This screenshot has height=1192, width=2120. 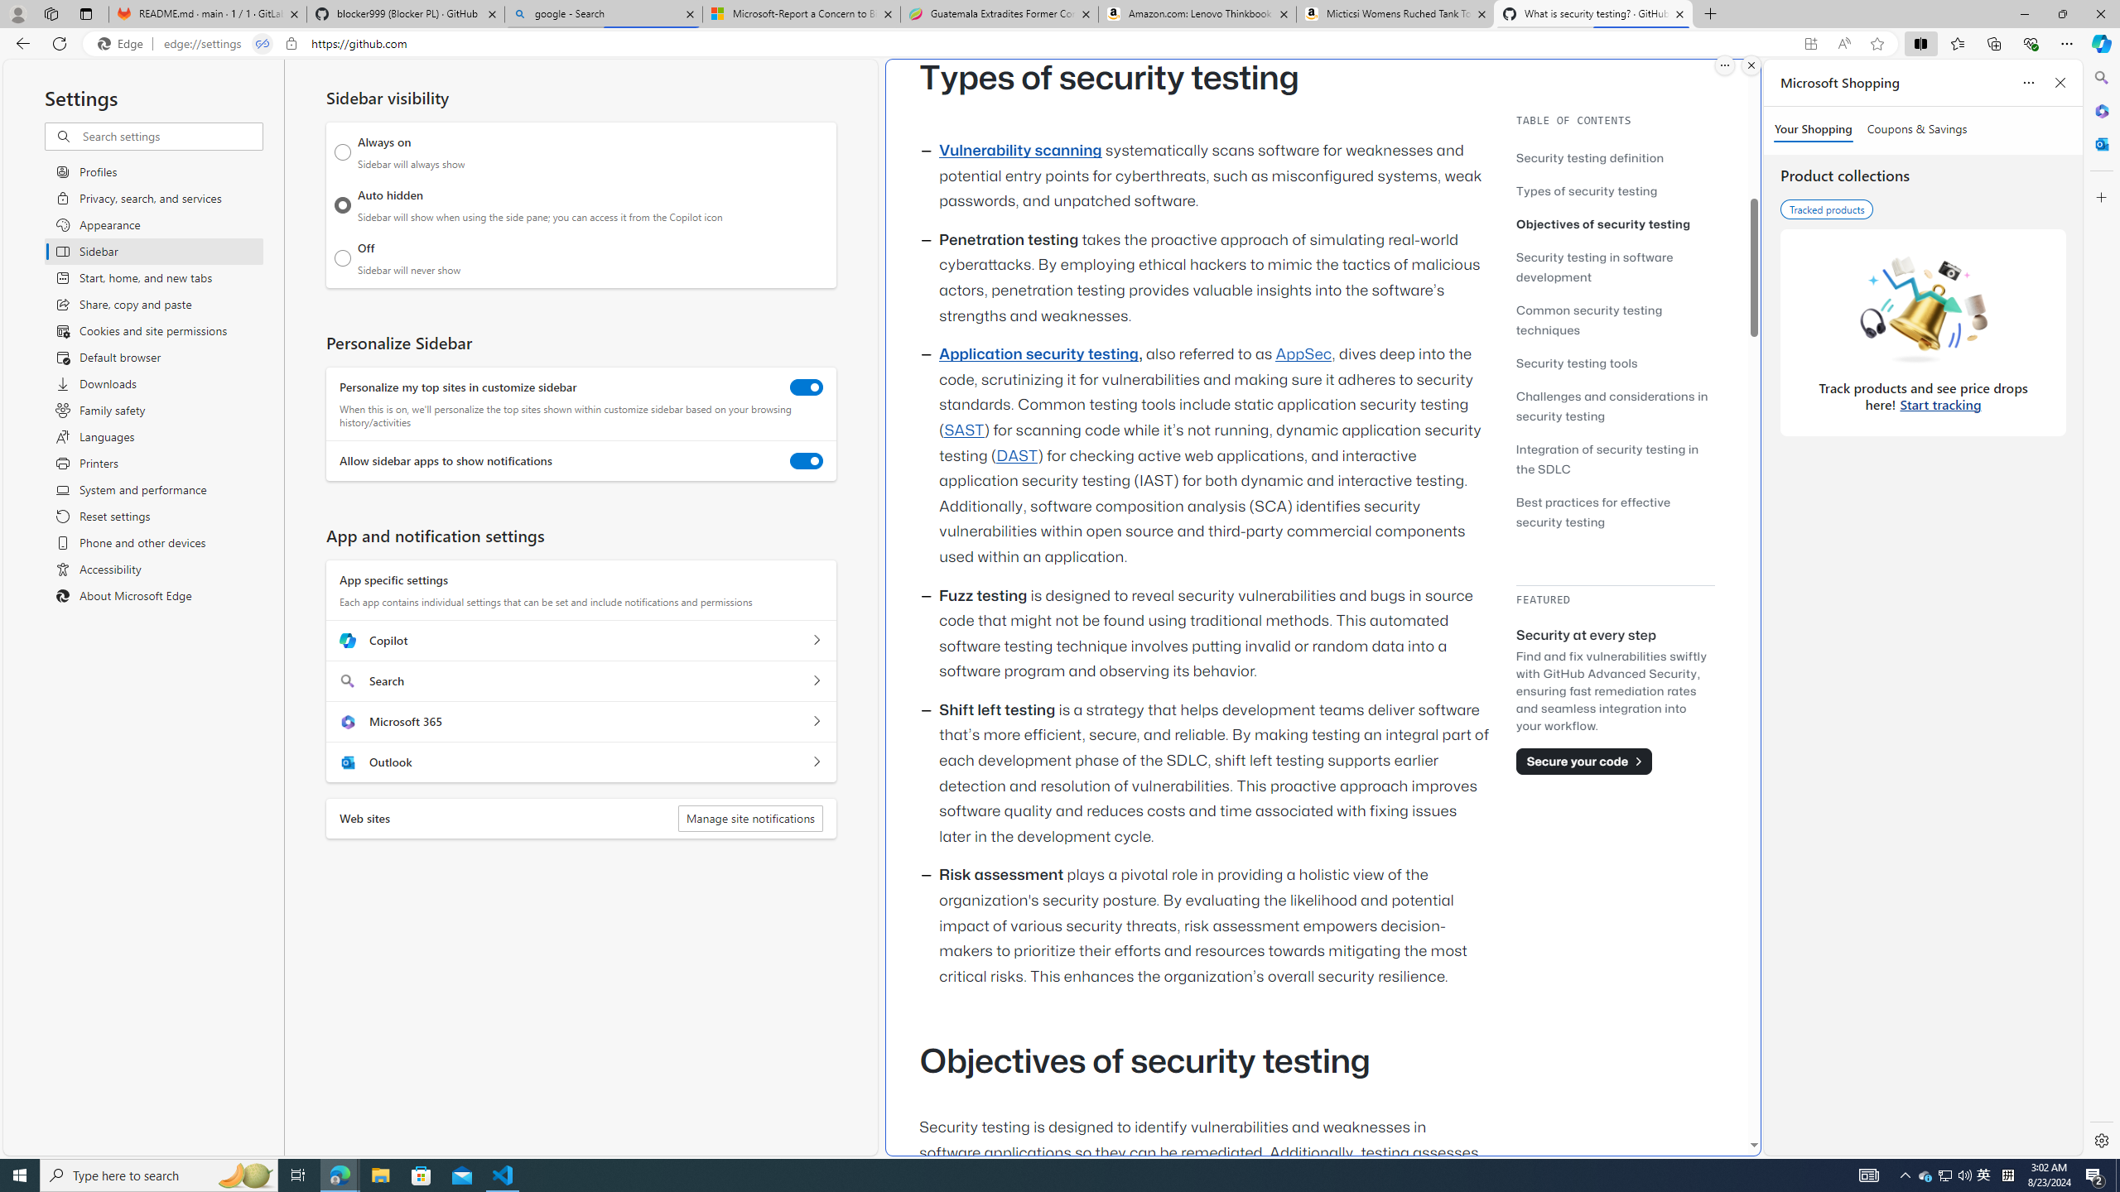 I want to click on 'More options.', so click(x=1724, y=65).